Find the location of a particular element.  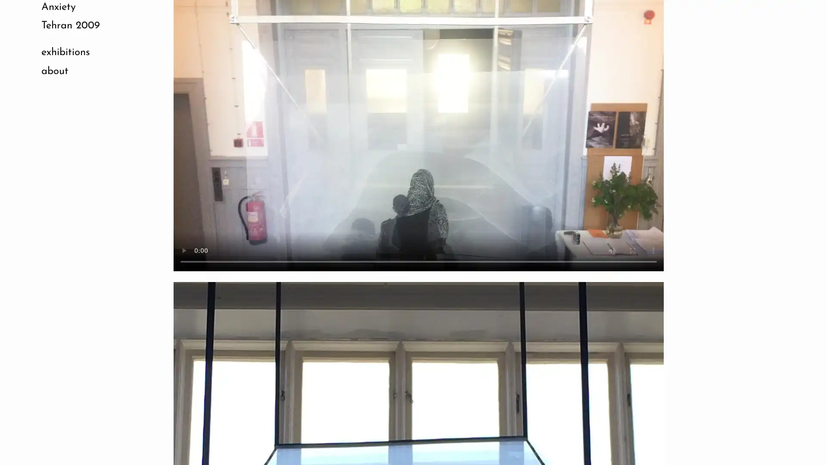

show more media controls is located at coordinates (653, 251).